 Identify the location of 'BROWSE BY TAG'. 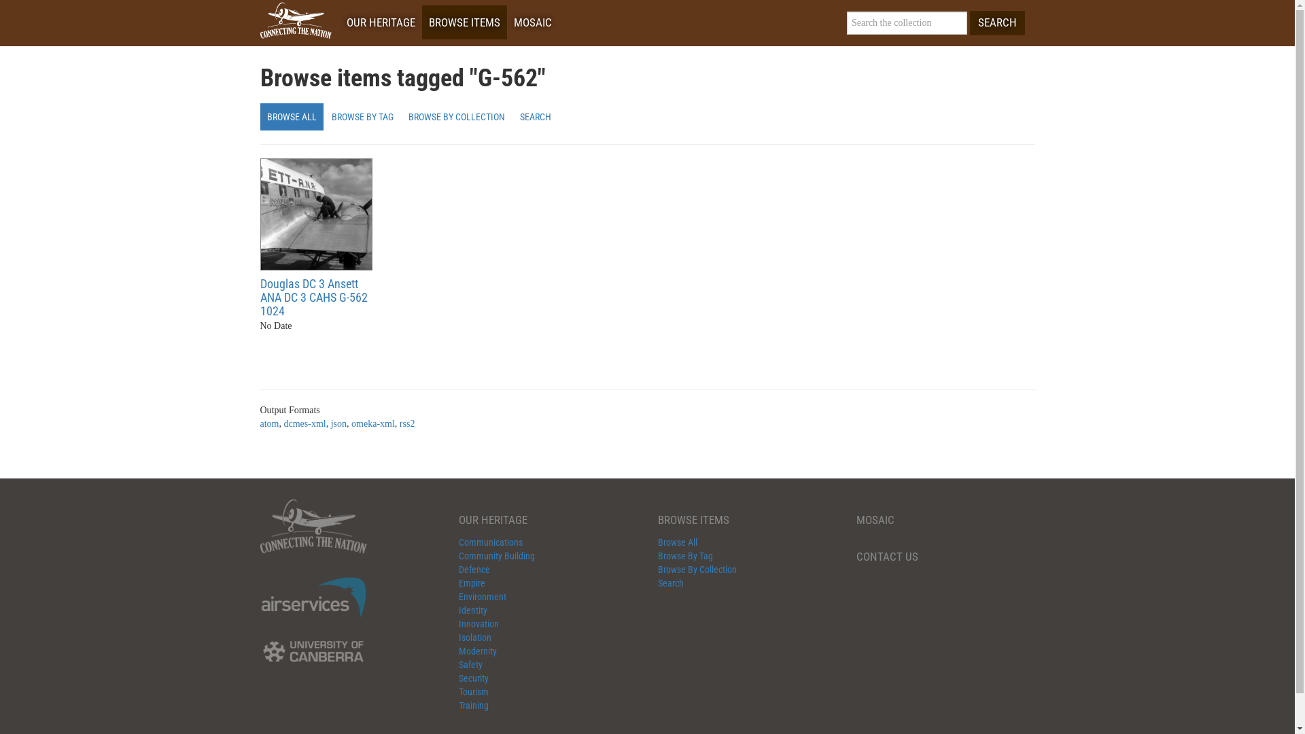
(362, 116).